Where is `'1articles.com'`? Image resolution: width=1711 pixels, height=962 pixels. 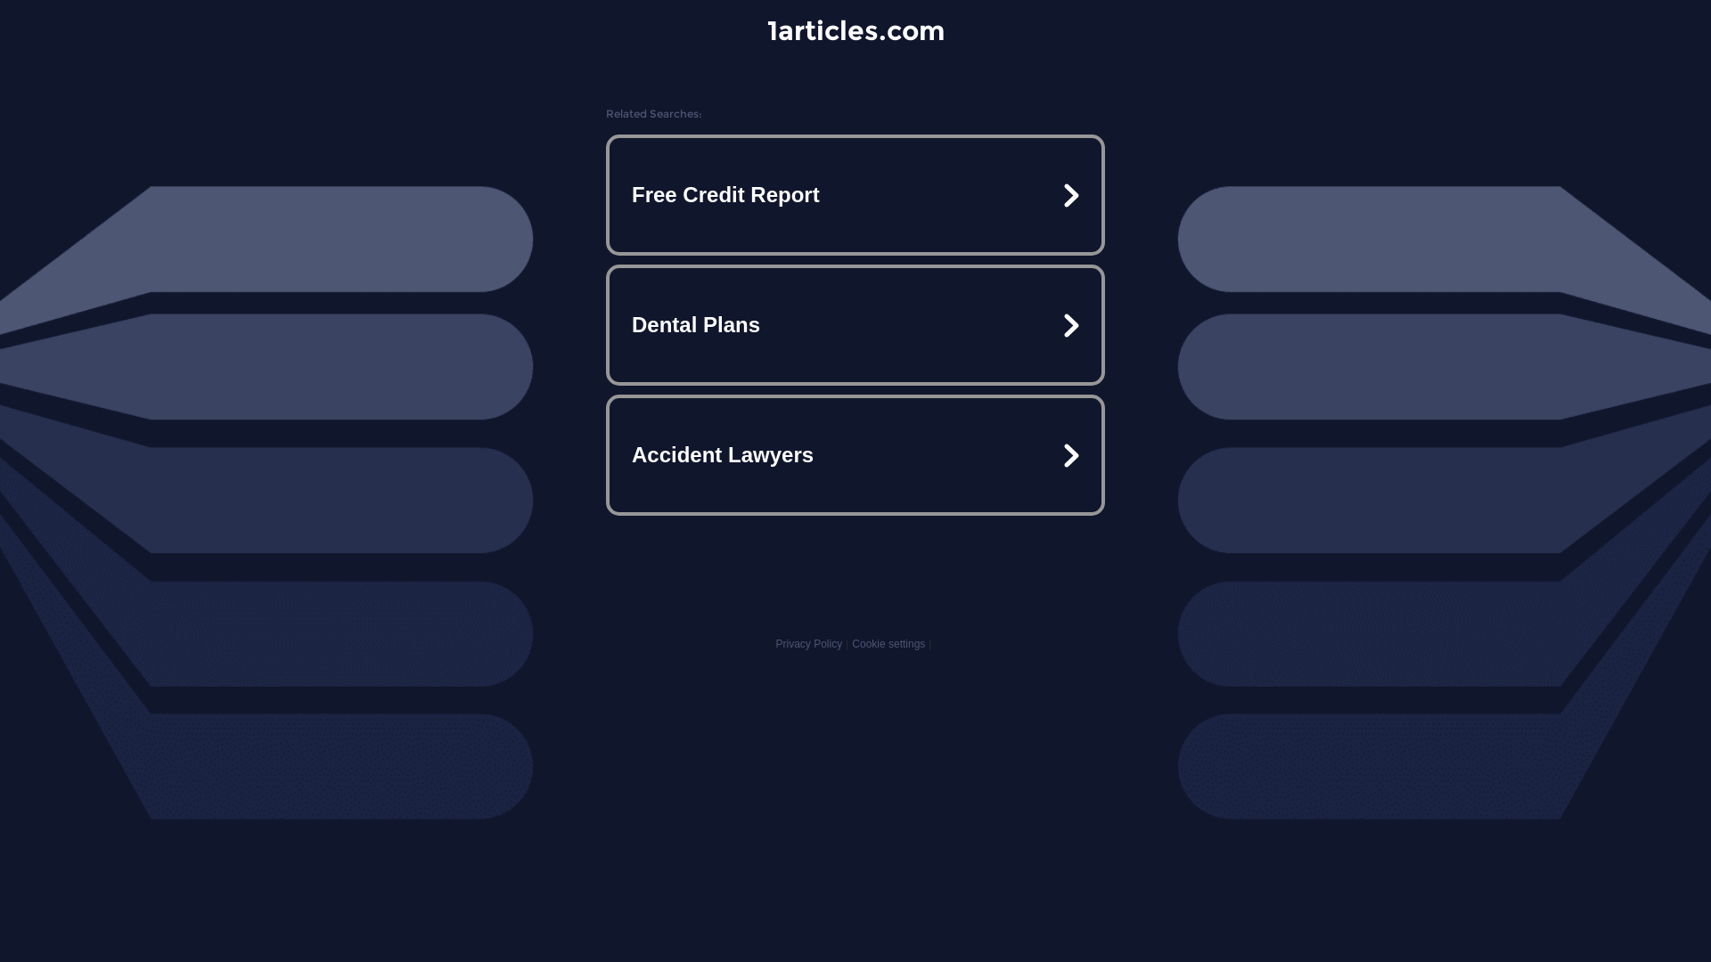 '1articles.com' is located at coordinates (765, 30).